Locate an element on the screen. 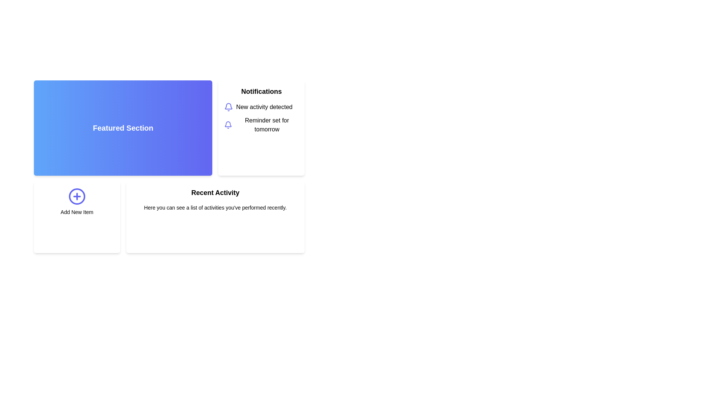 The height and width of the screenshot is (402, 715). the Notification card, which is the second card in the grid layout, styled with a white background and a bold 'Notifications' title, to read extended content is located at coordinates (261, 127).